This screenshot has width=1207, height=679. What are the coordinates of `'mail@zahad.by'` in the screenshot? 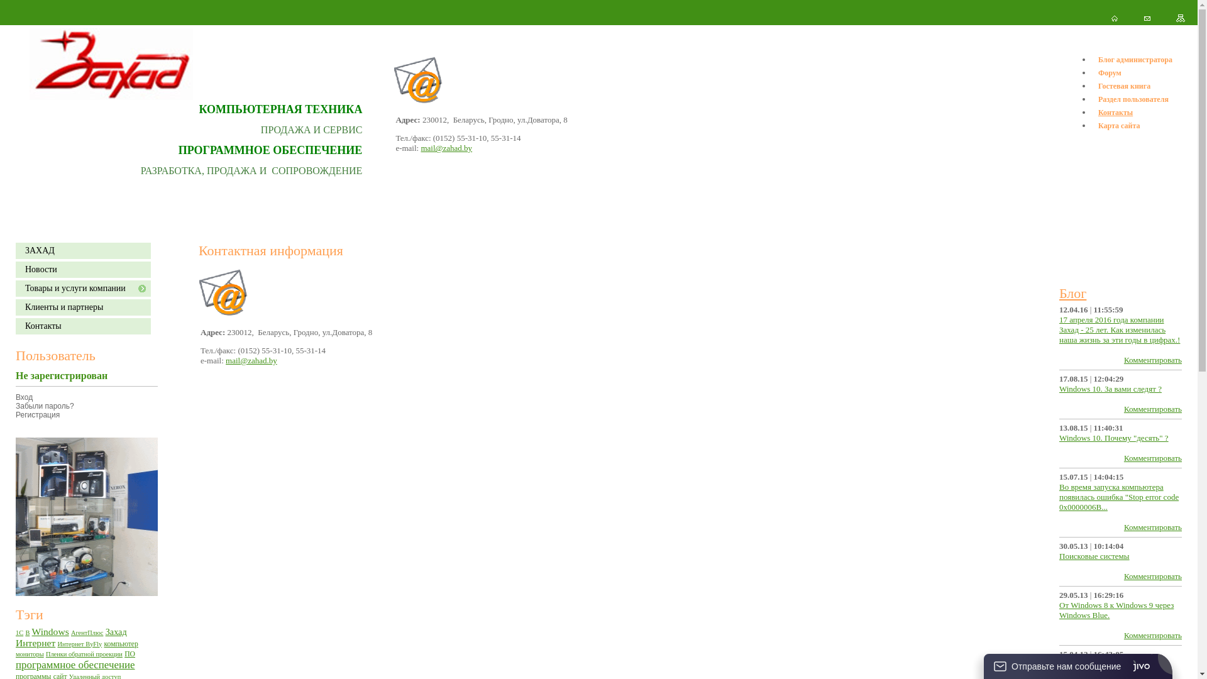 It's located at (446, 147).